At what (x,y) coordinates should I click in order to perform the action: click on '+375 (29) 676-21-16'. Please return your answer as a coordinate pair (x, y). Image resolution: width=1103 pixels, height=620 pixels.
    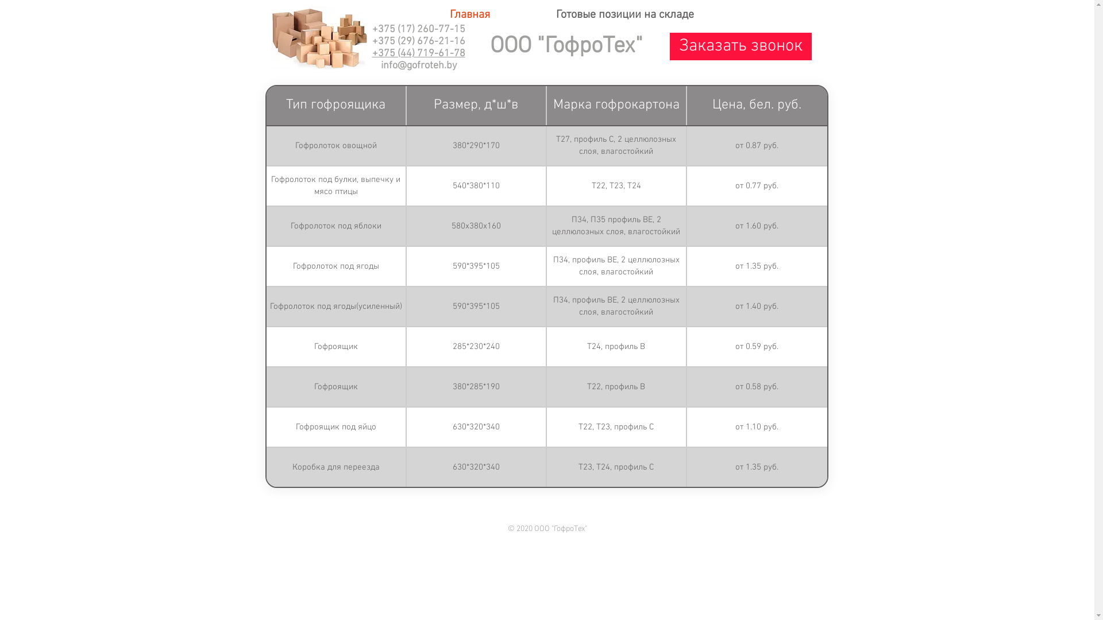
    Looking at the image, I should click on (418, 41).